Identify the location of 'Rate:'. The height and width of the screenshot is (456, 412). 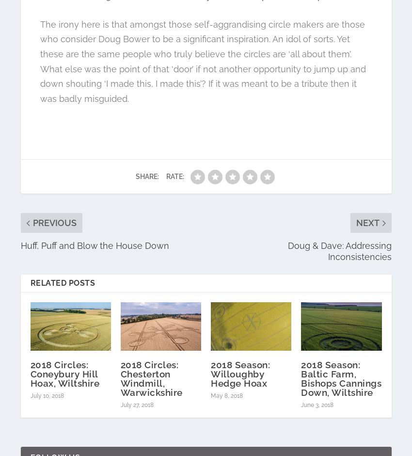
(174, 176).